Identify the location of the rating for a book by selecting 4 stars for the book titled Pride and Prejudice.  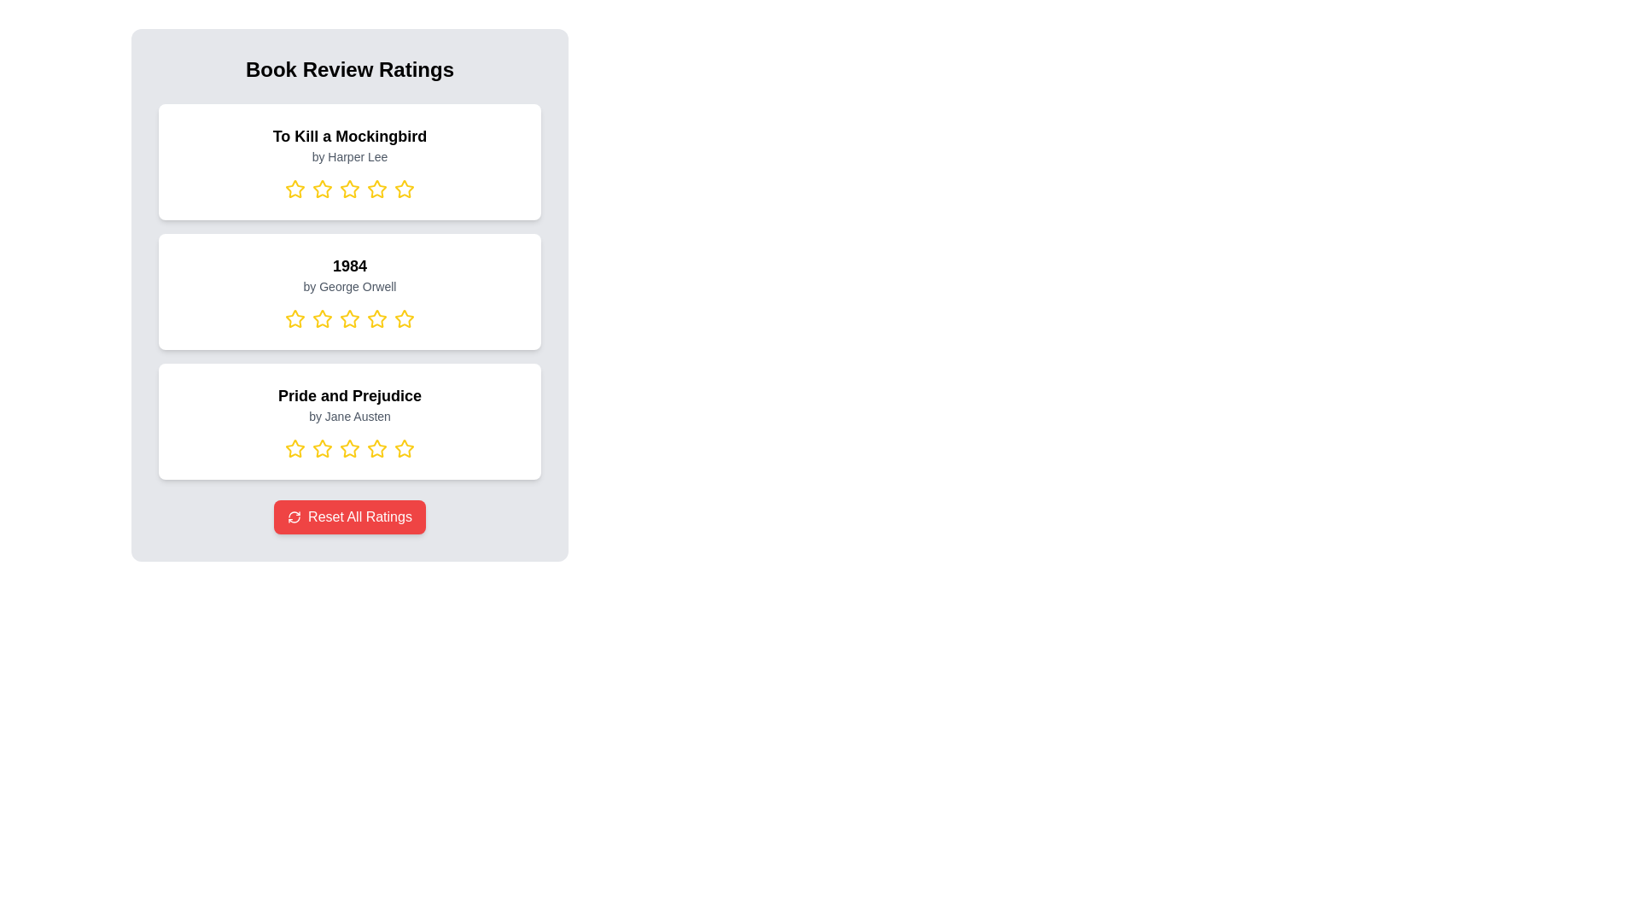
(376, 447).